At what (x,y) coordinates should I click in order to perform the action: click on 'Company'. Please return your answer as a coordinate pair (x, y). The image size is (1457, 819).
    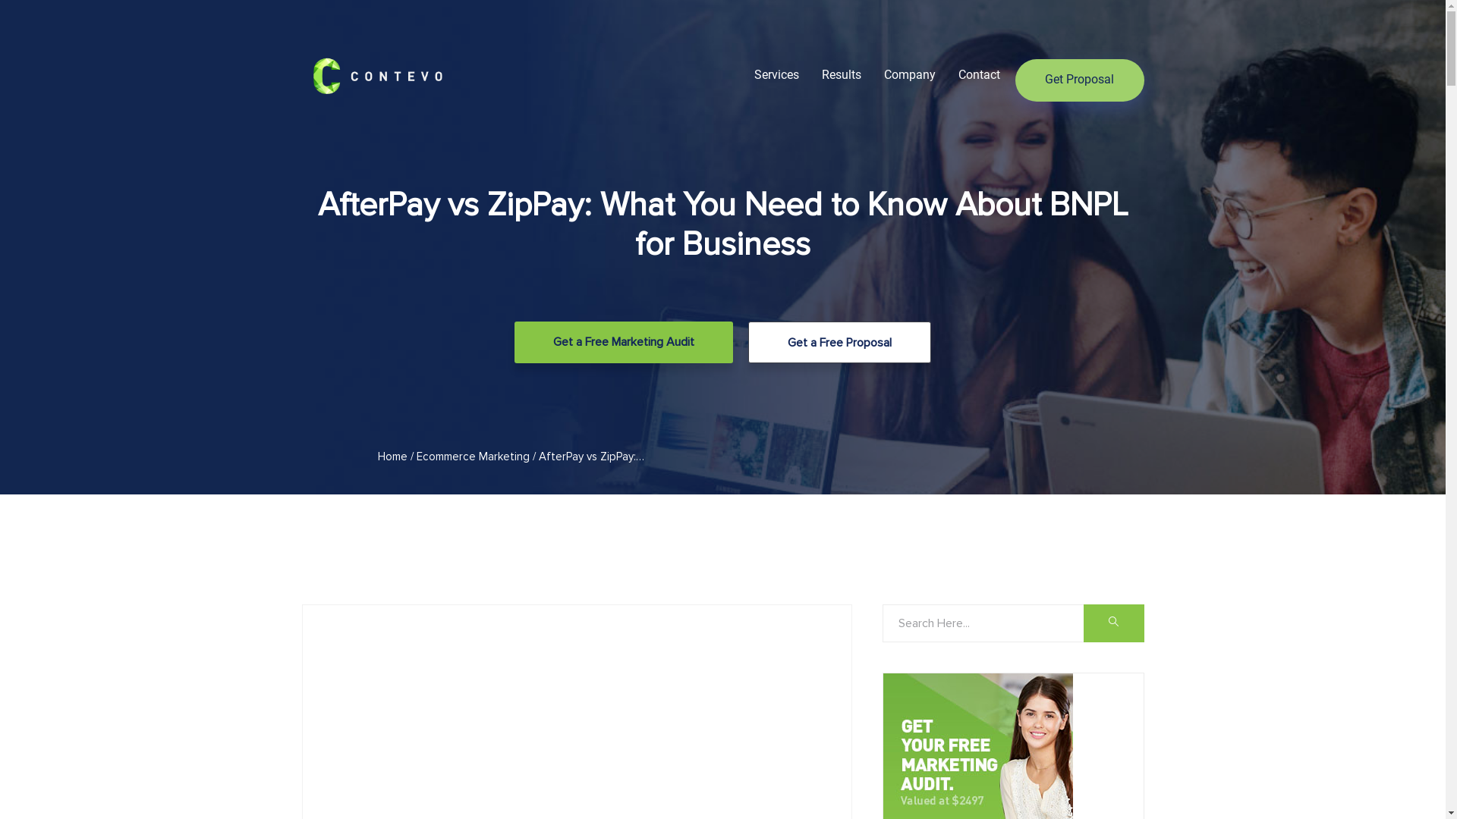
    Looking at the image, I should click on (909, 74).